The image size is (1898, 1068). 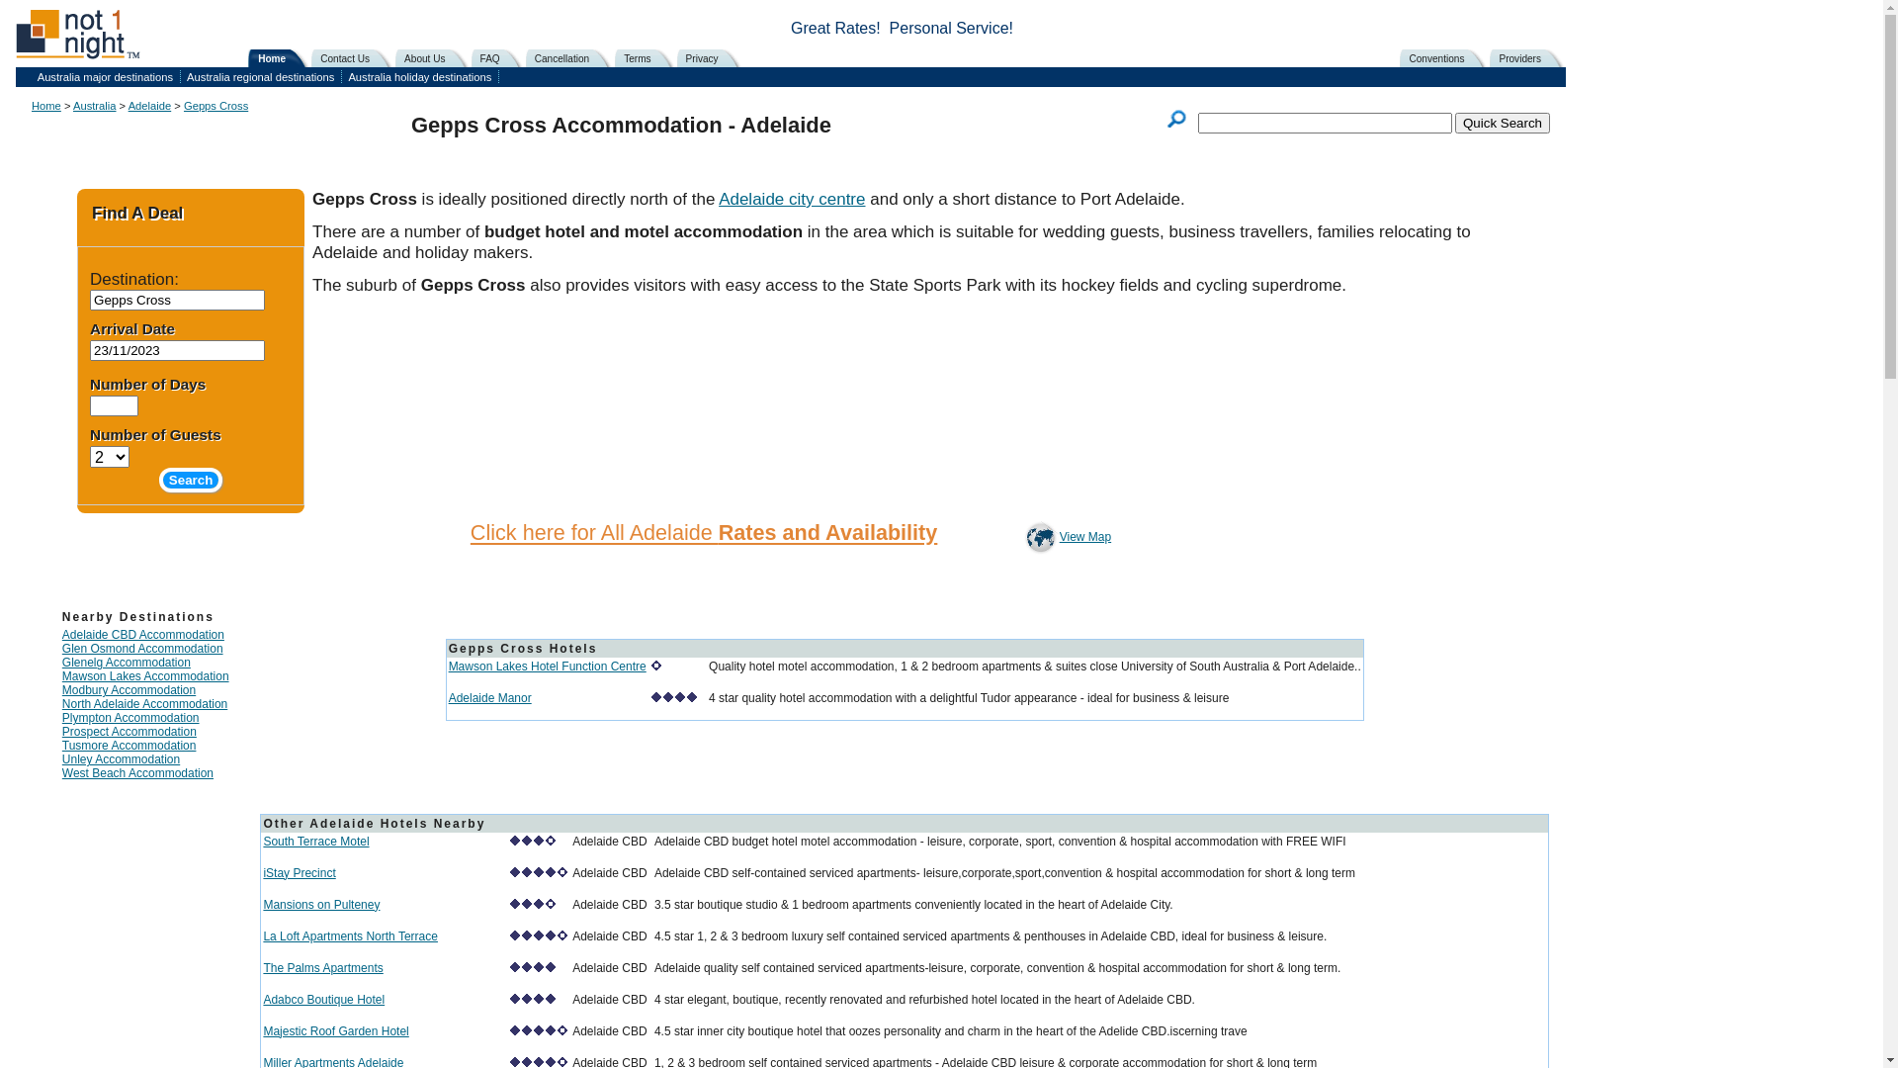 What do you see at coordinates (149, 106) in the screenshot?
I see `'Adelaide'` at bounding box center [149, 106].